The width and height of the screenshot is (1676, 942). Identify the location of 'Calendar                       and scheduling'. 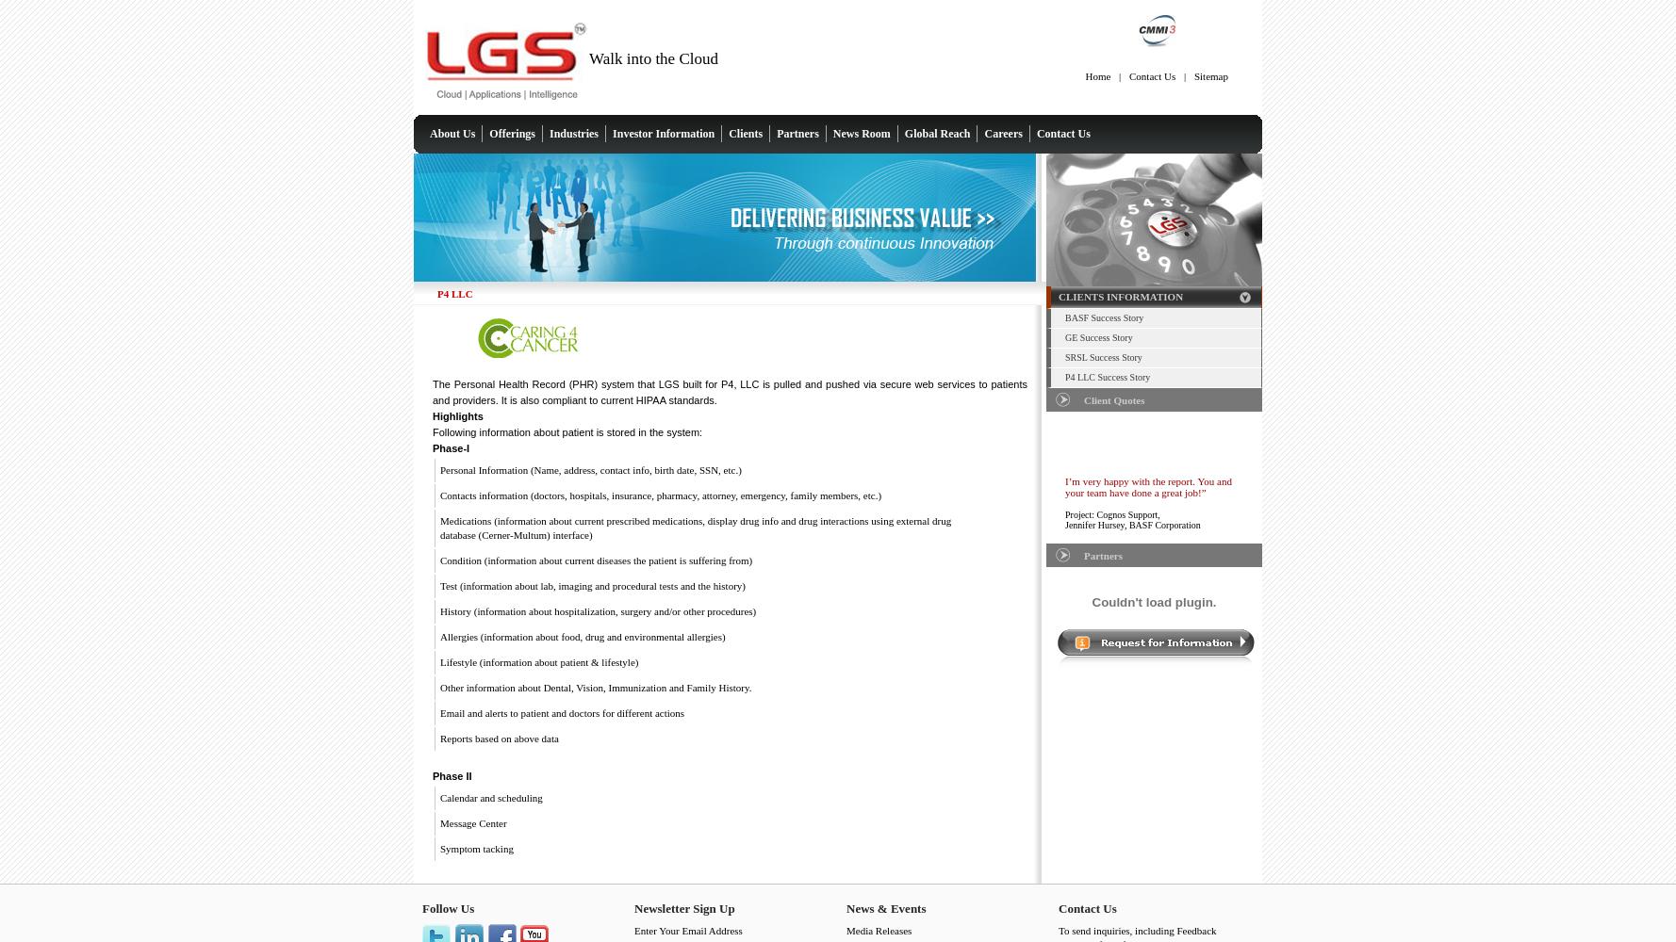
(490, 797).